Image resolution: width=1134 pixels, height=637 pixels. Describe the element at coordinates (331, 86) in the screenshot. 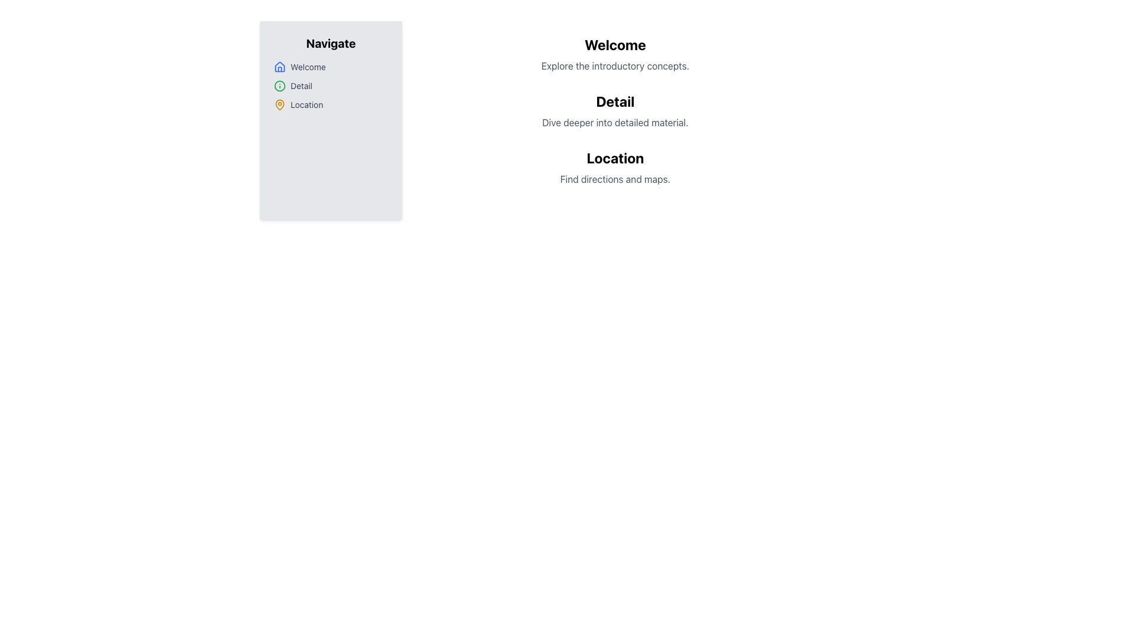

I see `the second navigational link or button in the top-left panel that follows the 'Welcome' item and precedes the 'Location' item for navigation` at that location.